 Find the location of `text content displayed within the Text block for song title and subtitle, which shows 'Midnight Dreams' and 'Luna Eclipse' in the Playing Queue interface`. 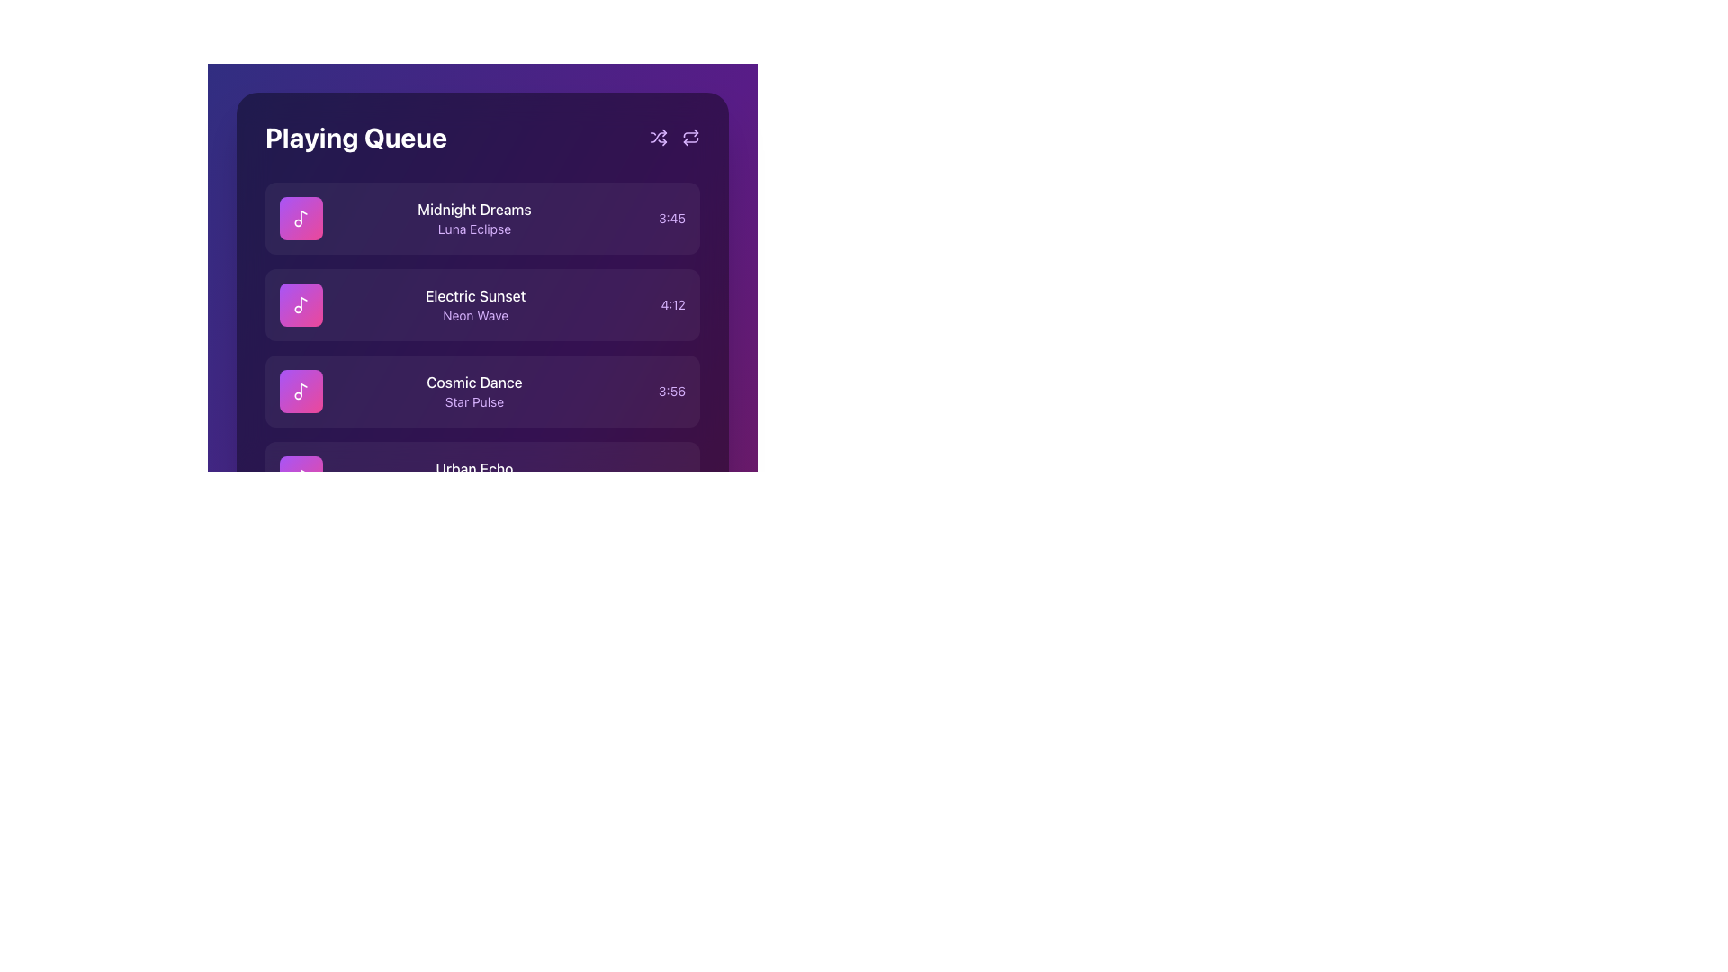

text content displayed within the Text block for song title and subtitle, which shows 'Midnight Dreams' and 'Luna Eclipse' in the Playing Queue interface is located at coordinates (474, 218).